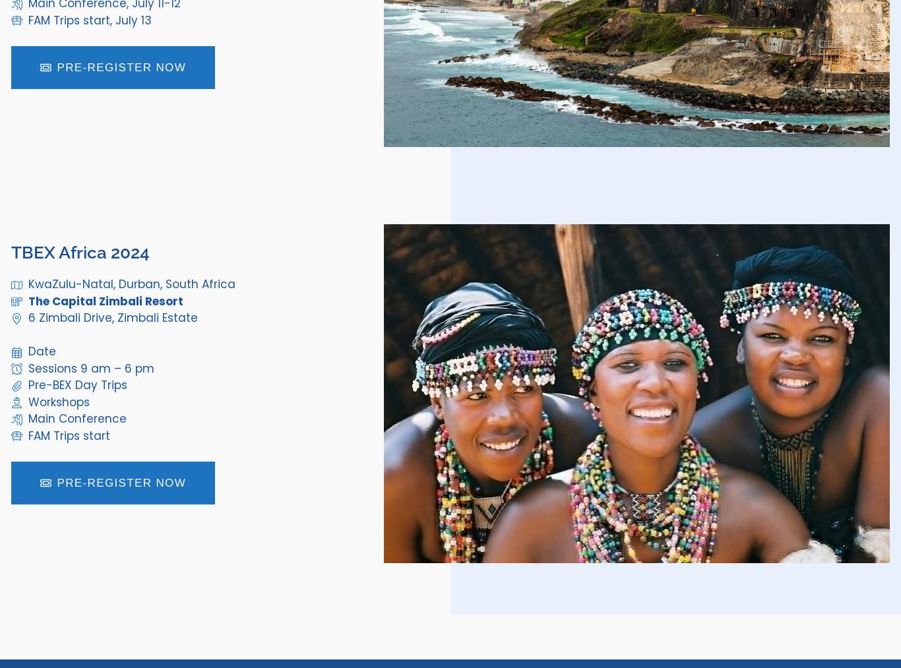 The width and height of the screenshot is (901, 668). What do you see at coordinates (104, 299) in the screenshot?
I see `'The Capital Zimbali Resort'` at bounding box center [104, 299].